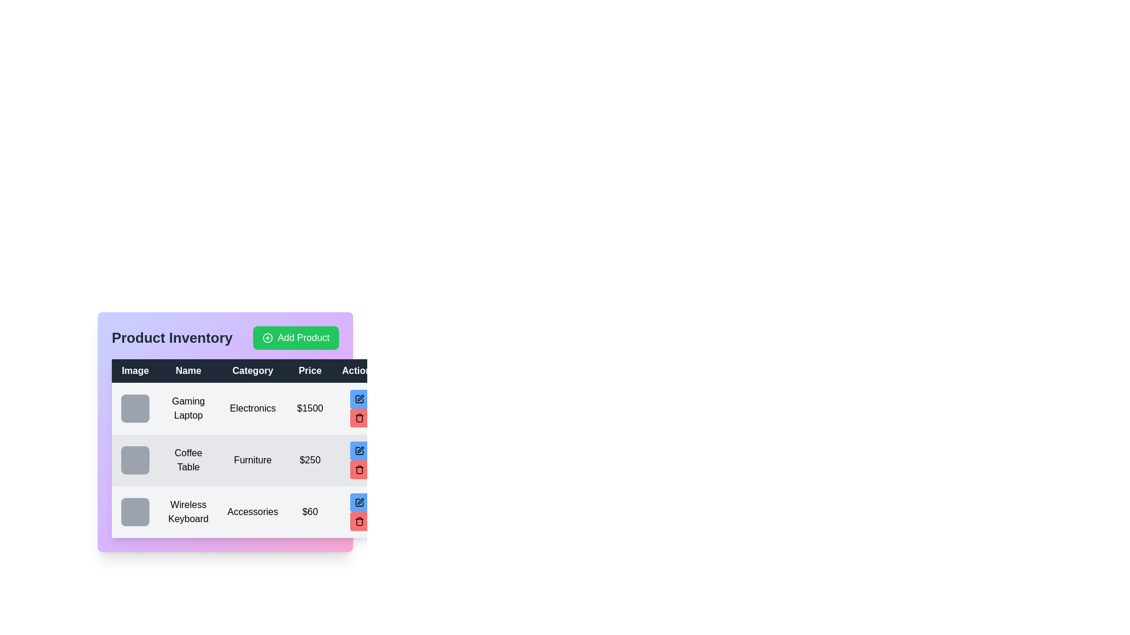 This screenshot has height=635, width=1130. What do you see at coordinates (358, 470) in the screenshot?
I see `the trash bin icon associated with the 'Coffee Table' in the last column under the Actions header` at bounding box center [358, 470].